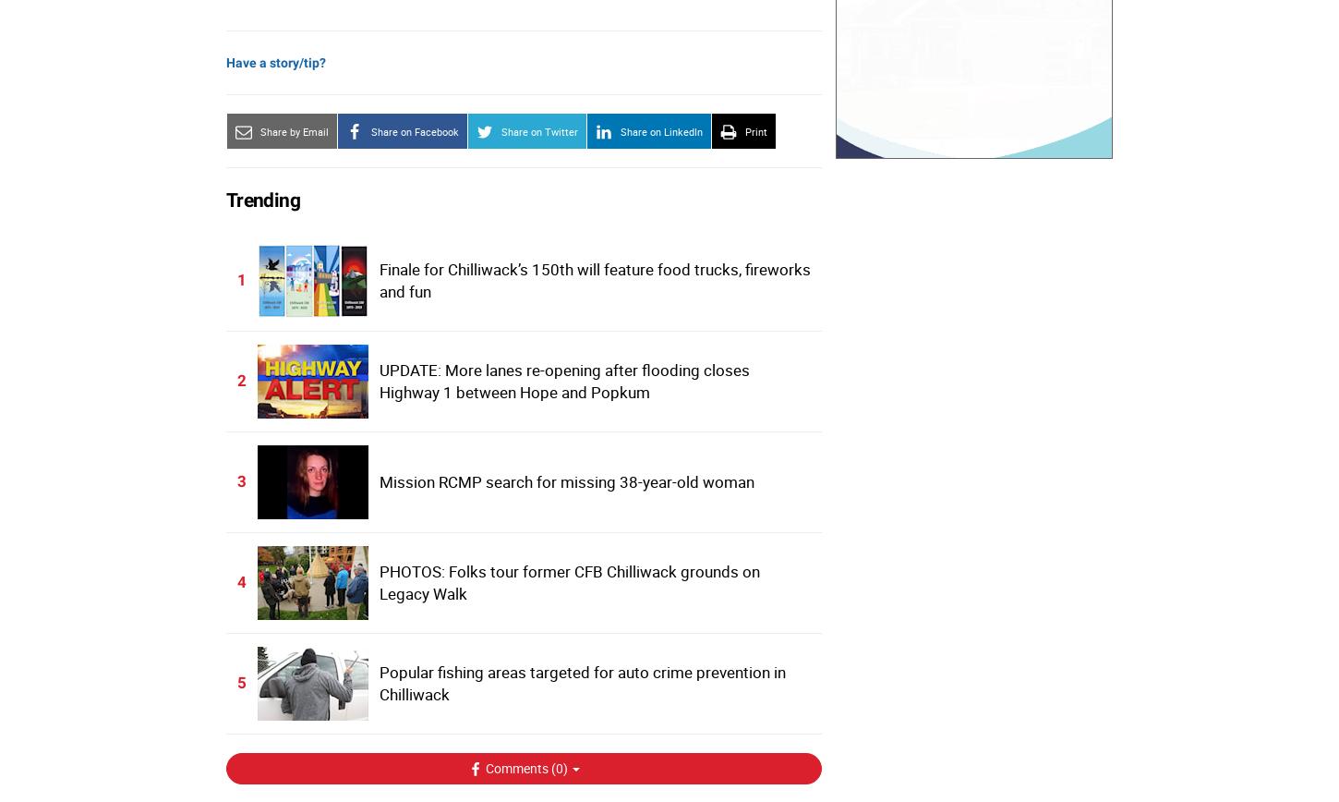  I want to click on 'Share on Facebook', so click(414, 130).